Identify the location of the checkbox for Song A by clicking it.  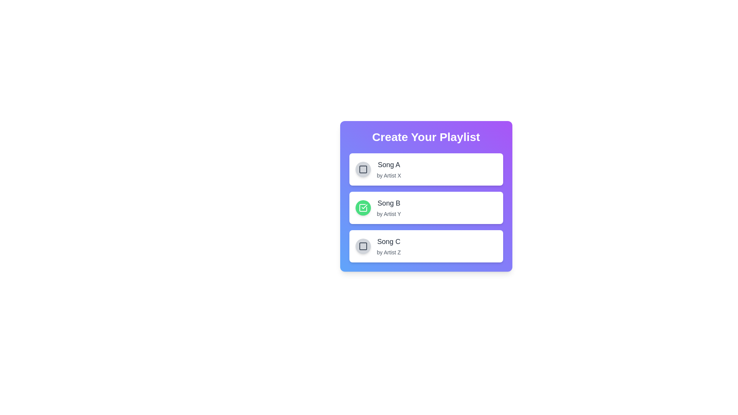
(362, 169).